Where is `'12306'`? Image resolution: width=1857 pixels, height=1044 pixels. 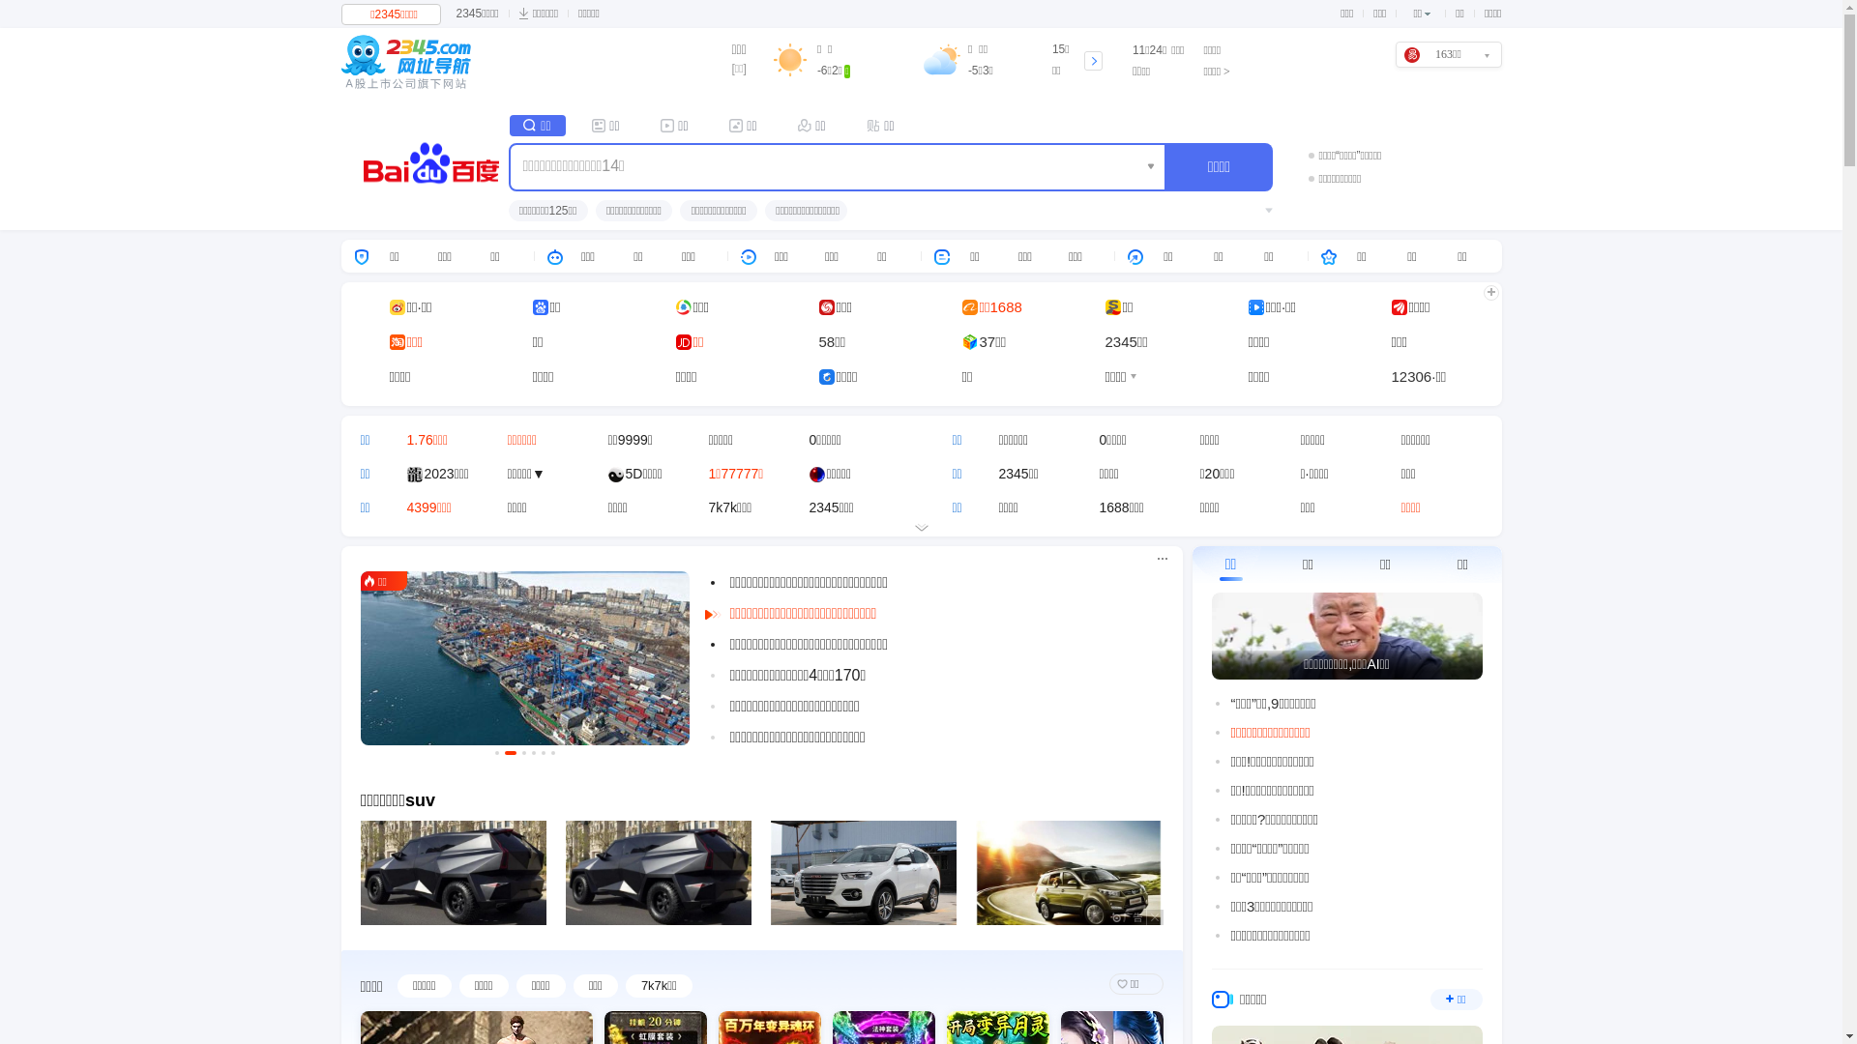
'12306' is located at coordinates (1411, 376).